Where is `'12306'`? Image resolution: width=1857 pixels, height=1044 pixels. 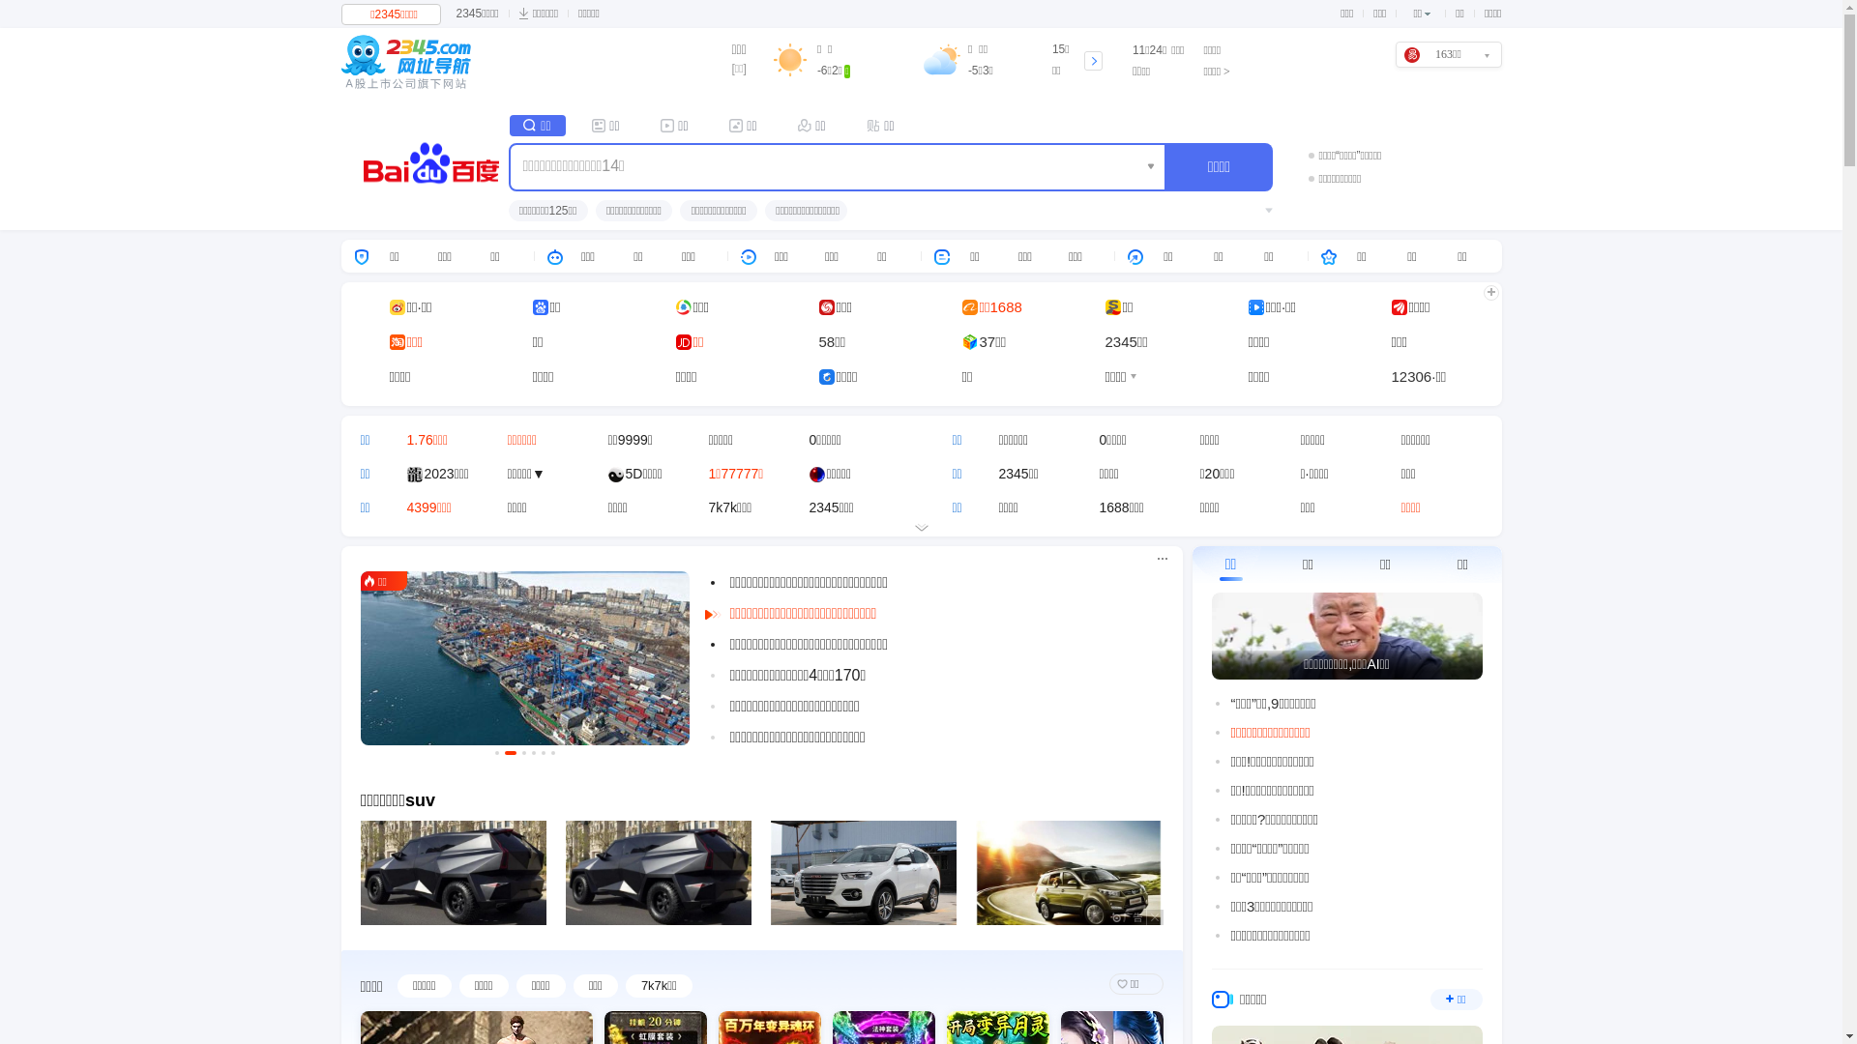
'12306' is located at coordinates (1411, 376).